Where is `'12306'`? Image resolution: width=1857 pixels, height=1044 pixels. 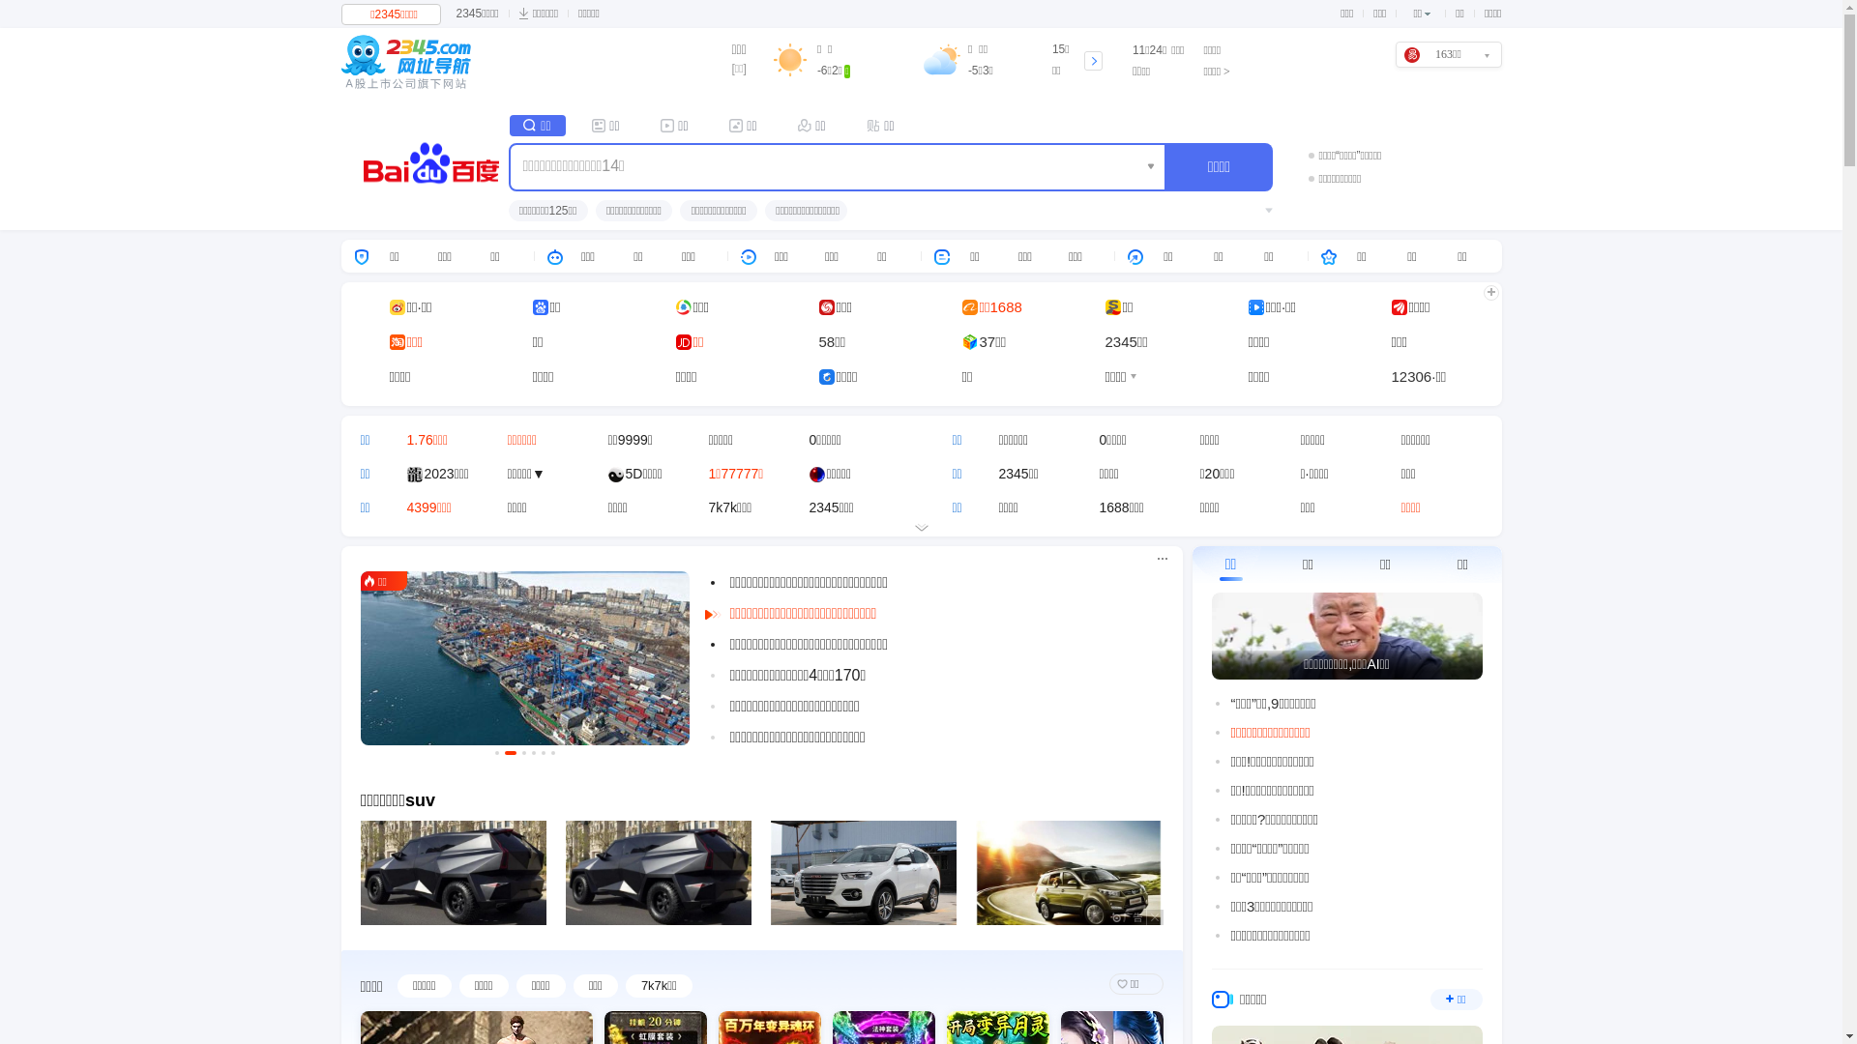
'12306' is located at coordinates (1411, 376).